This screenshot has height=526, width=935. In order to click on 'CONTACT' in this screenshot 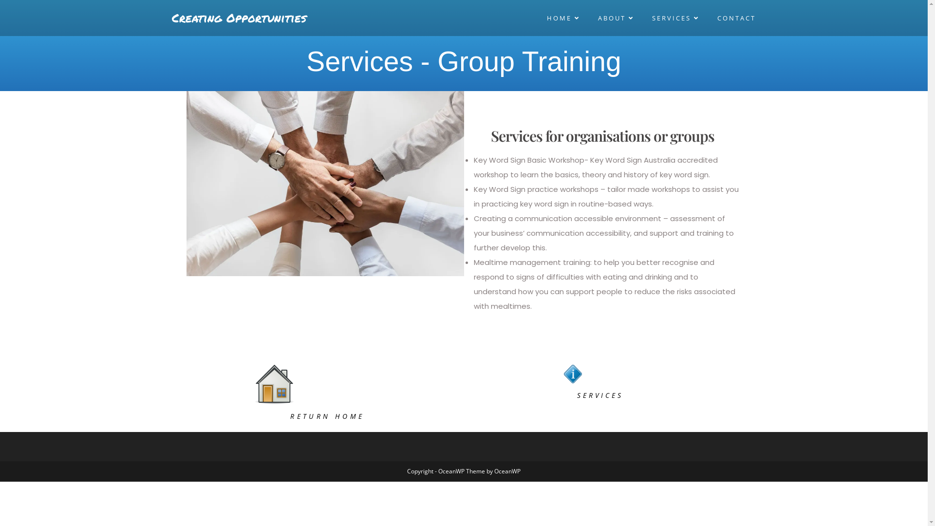, I will do `click(736, 18)`.